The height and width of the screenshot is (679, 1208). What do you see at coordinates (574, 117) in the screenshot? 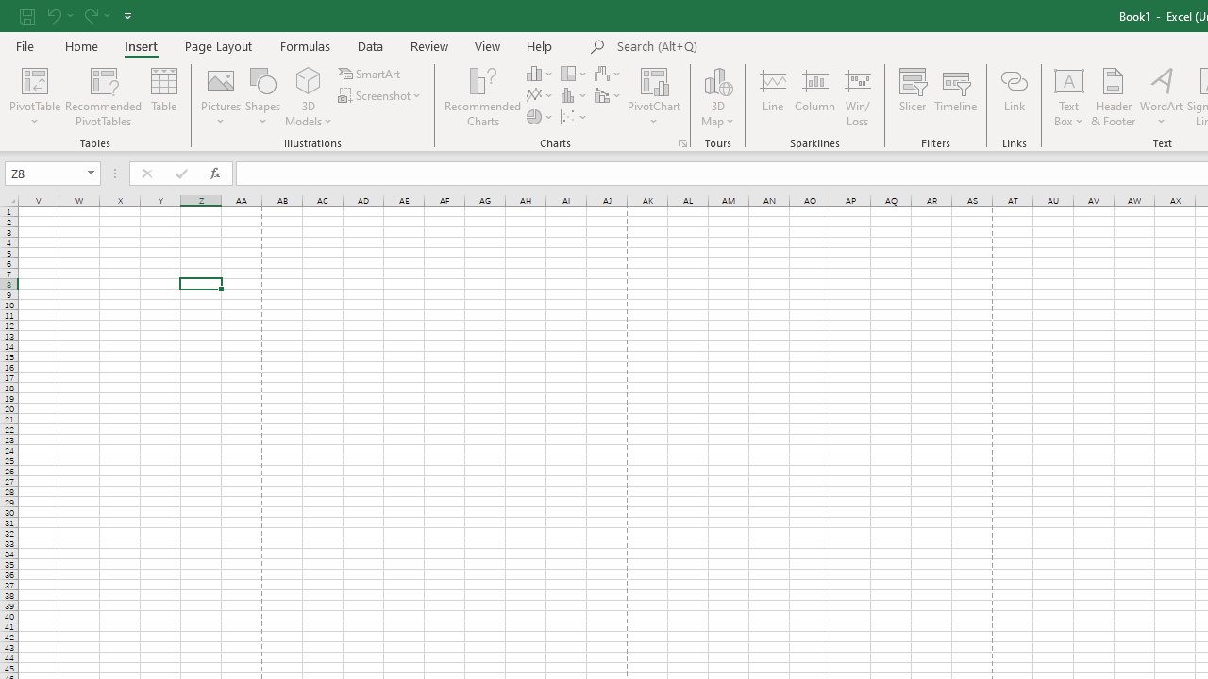
I see `'Insert Scatter (X, Y) or Bubble Chart'` at bounding box center [574, 117].